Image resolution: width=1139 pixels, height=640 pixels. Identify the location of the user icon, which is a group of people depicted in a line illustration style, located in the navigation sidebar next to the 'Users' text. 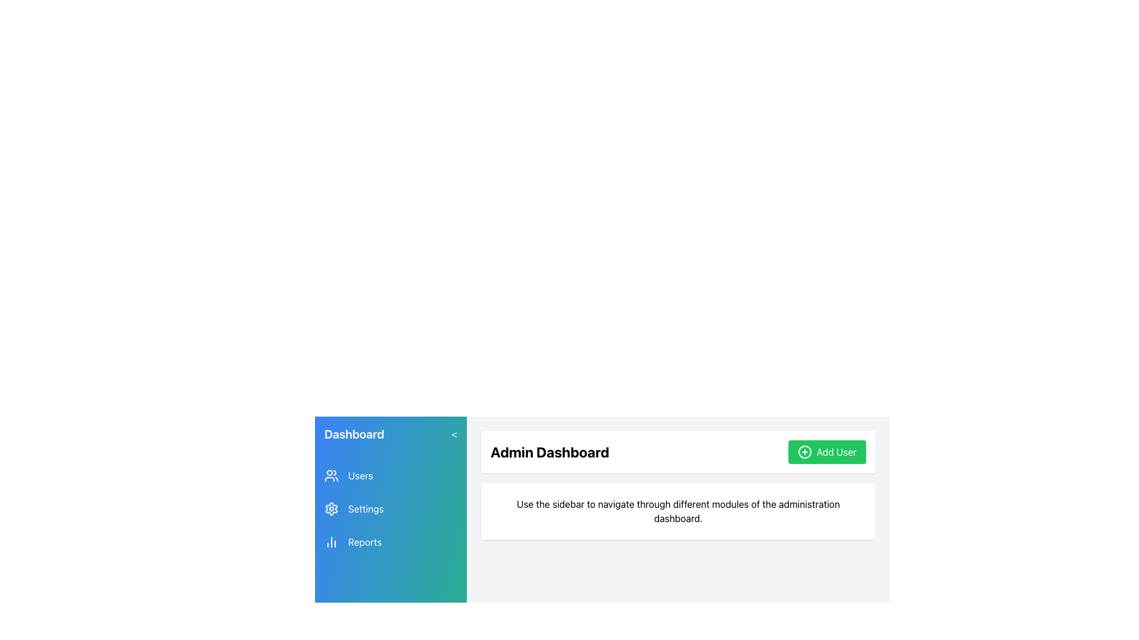
(331, 475).